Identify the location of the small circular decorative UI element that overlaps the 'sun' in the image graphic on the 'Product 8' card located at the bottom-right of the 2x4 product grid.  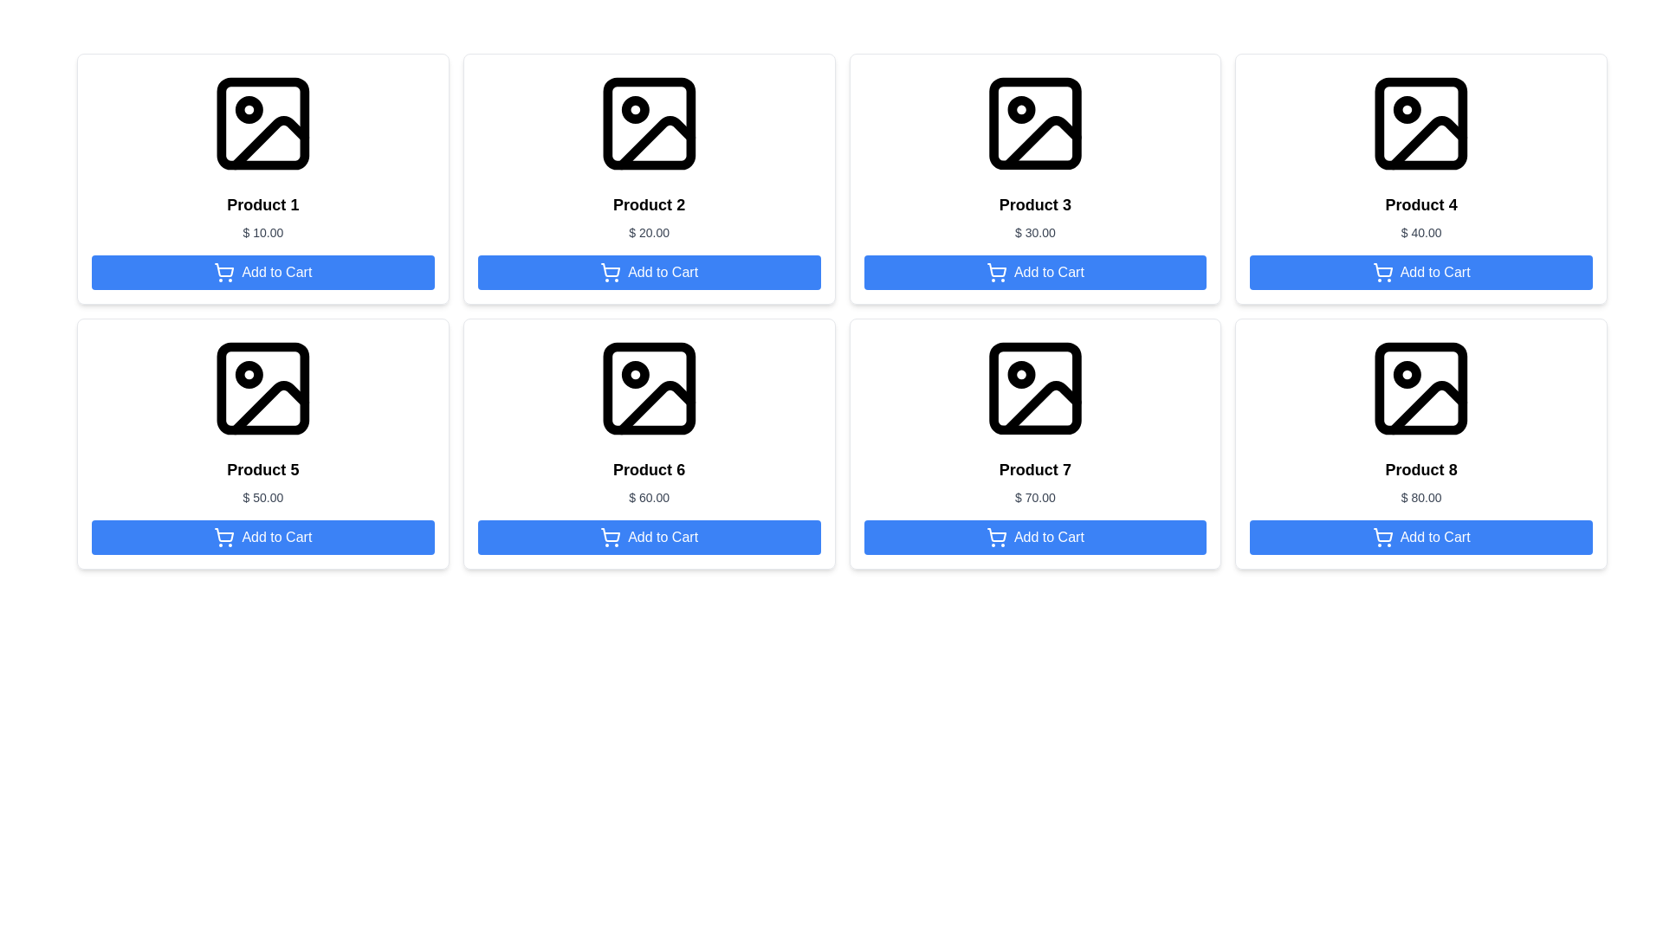
(1407, 373).